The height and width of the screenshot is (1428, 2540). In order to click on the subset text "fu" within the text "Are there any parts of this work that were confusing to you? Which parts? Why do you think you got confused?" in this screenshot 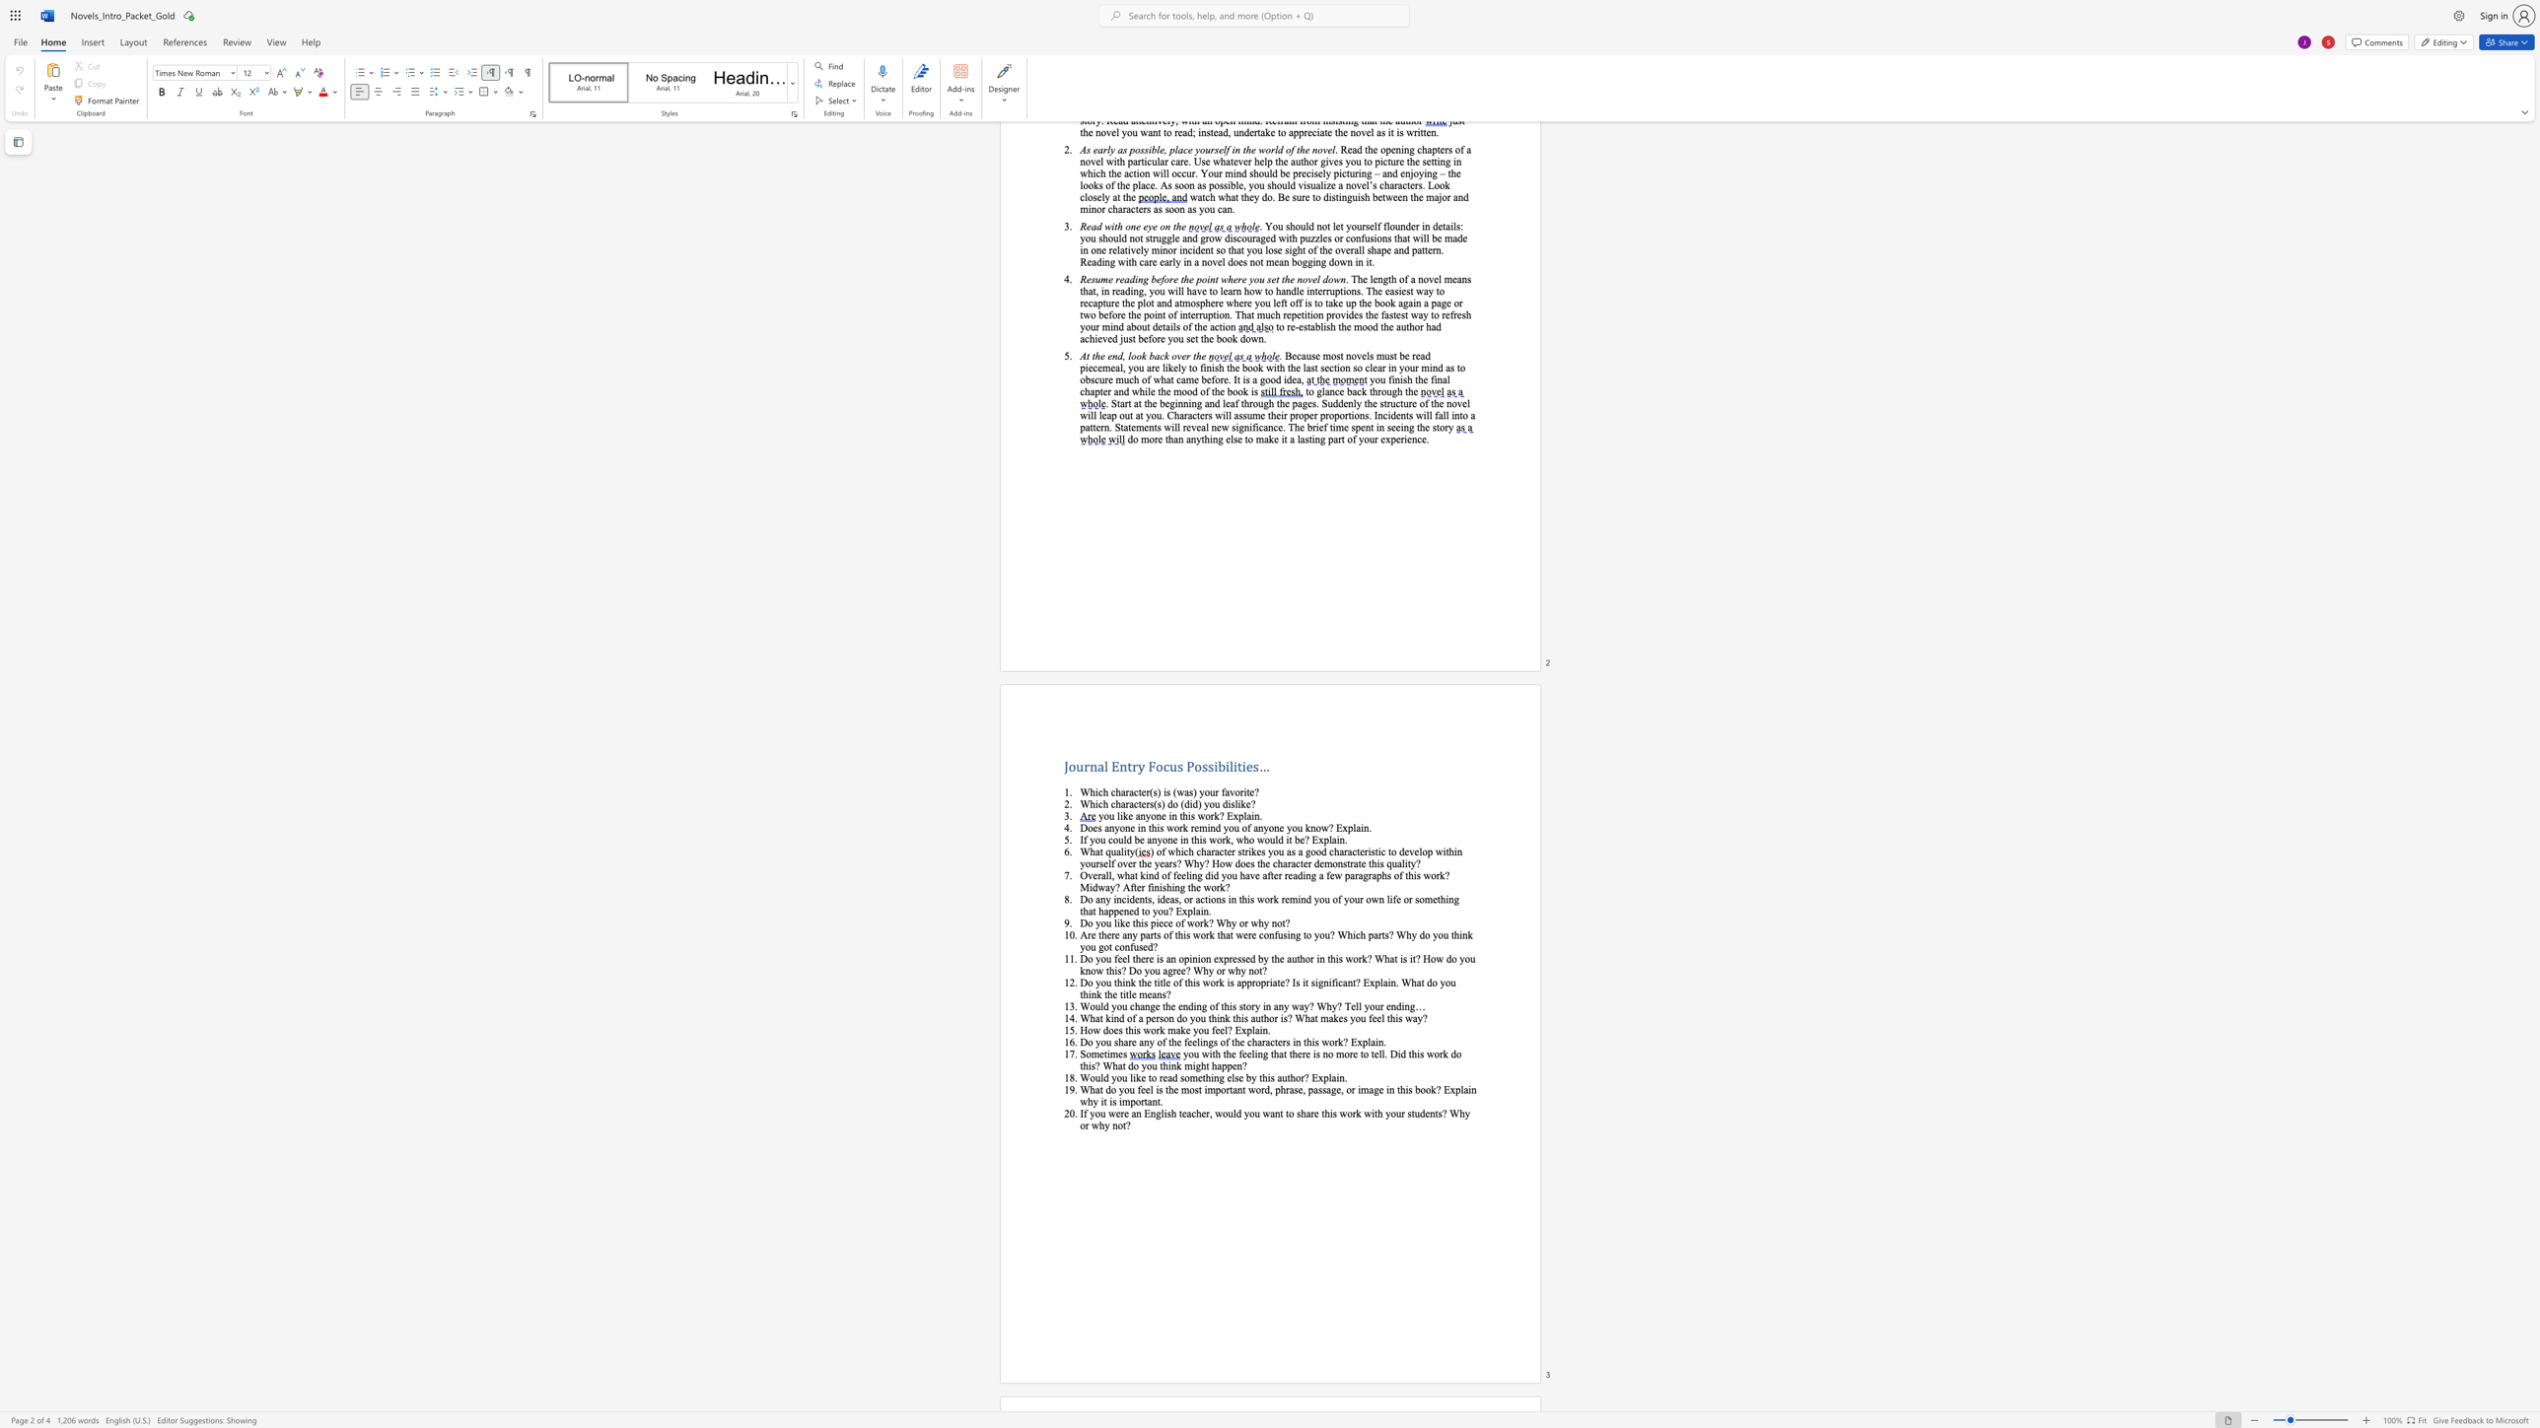, I will do `click(1129, 946)`.